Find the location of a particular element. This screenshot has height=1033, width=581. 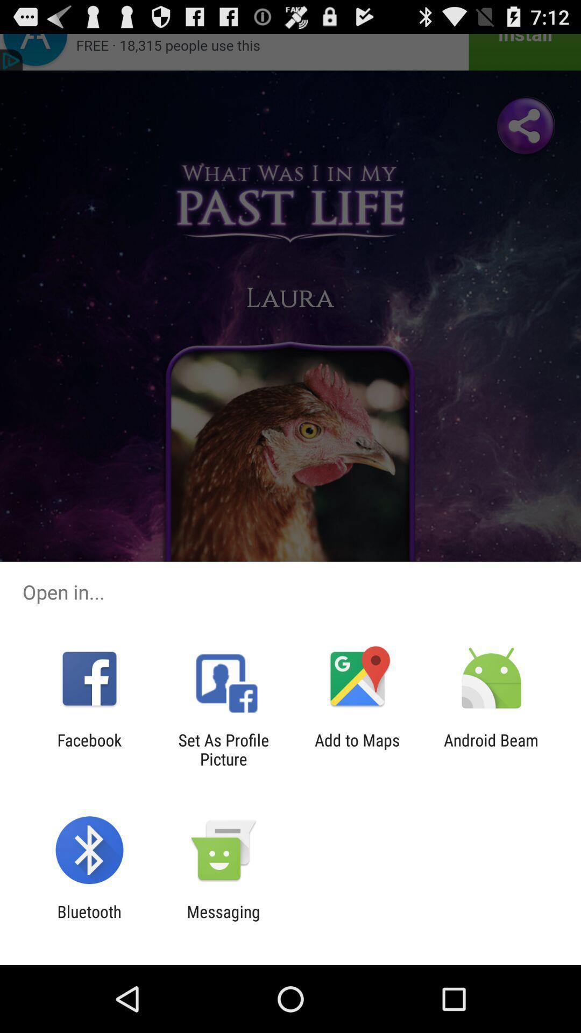

the bluetooth item is located at coordinates (89, 921).